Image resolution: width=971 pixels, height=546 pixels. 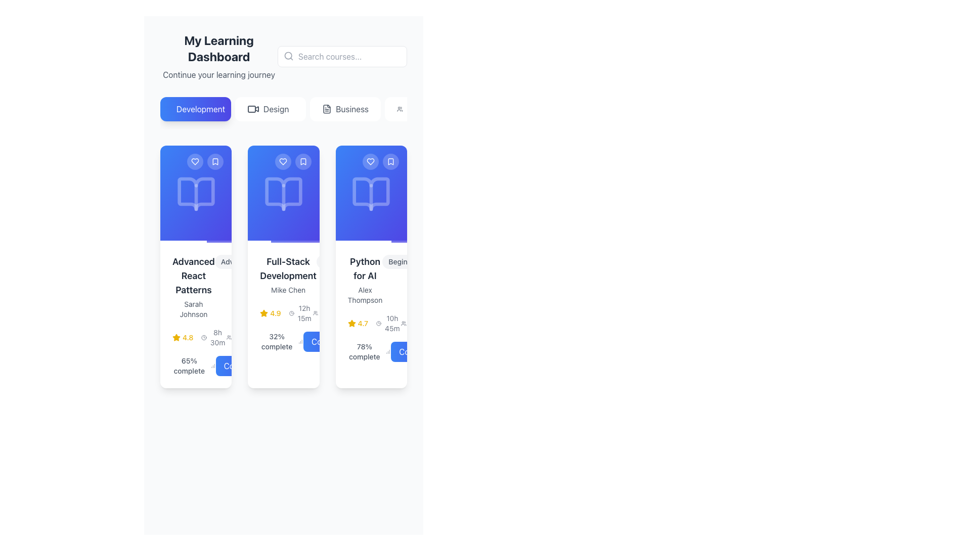 I want to click on the gray SVG icon representing a group of people, located to the left of the text '2156 students', so click(x=315, y=313).